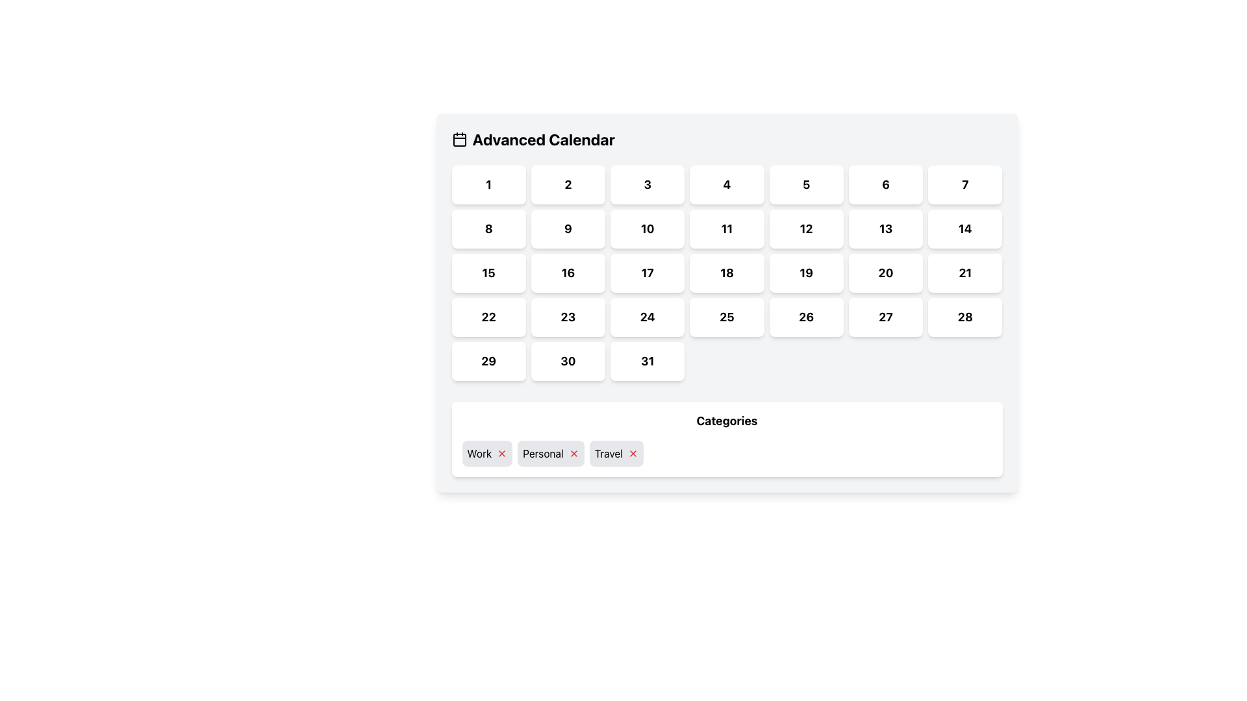 The image size is (1247, 701). Describe the element at coordinates (648, 361) in the screenshot. I see `the date label indicating the 31st day of the month within the calendar widget, located at the bottom row of the calendar grid` at that location.